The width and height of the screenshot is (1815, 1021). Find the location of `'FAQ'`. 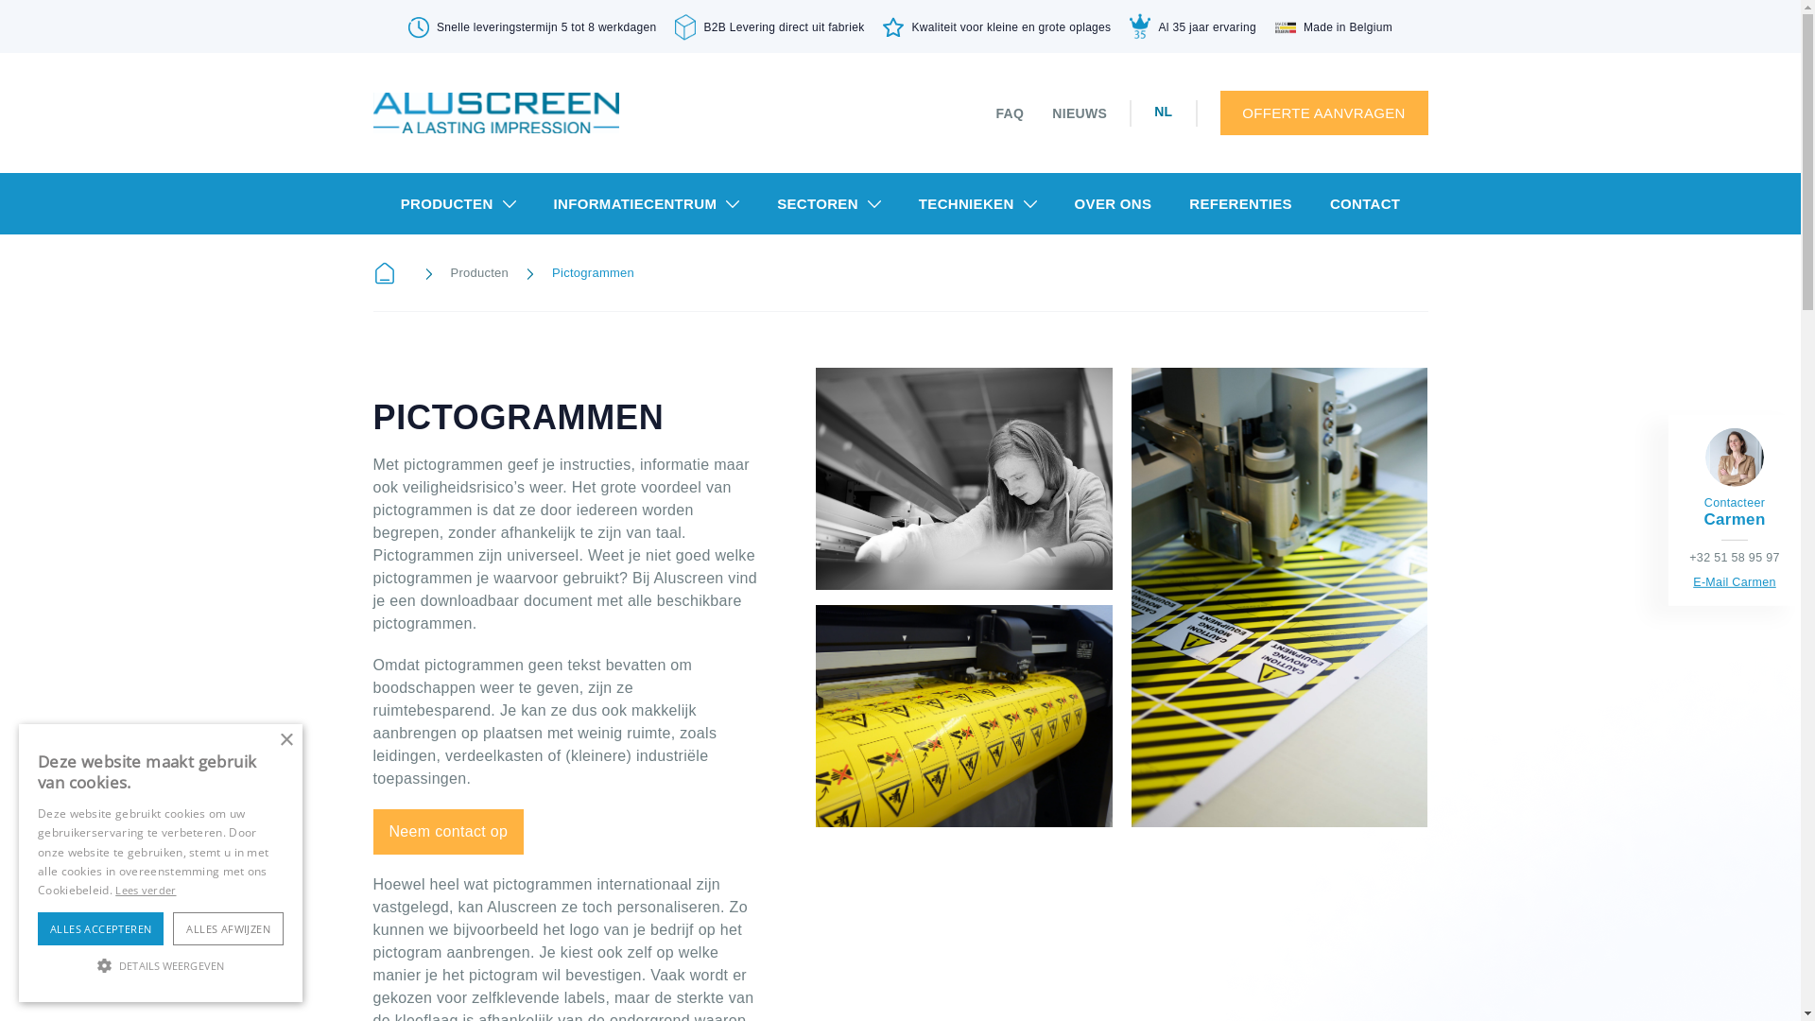

'FAQ' is located at coordinates (1010, 112).